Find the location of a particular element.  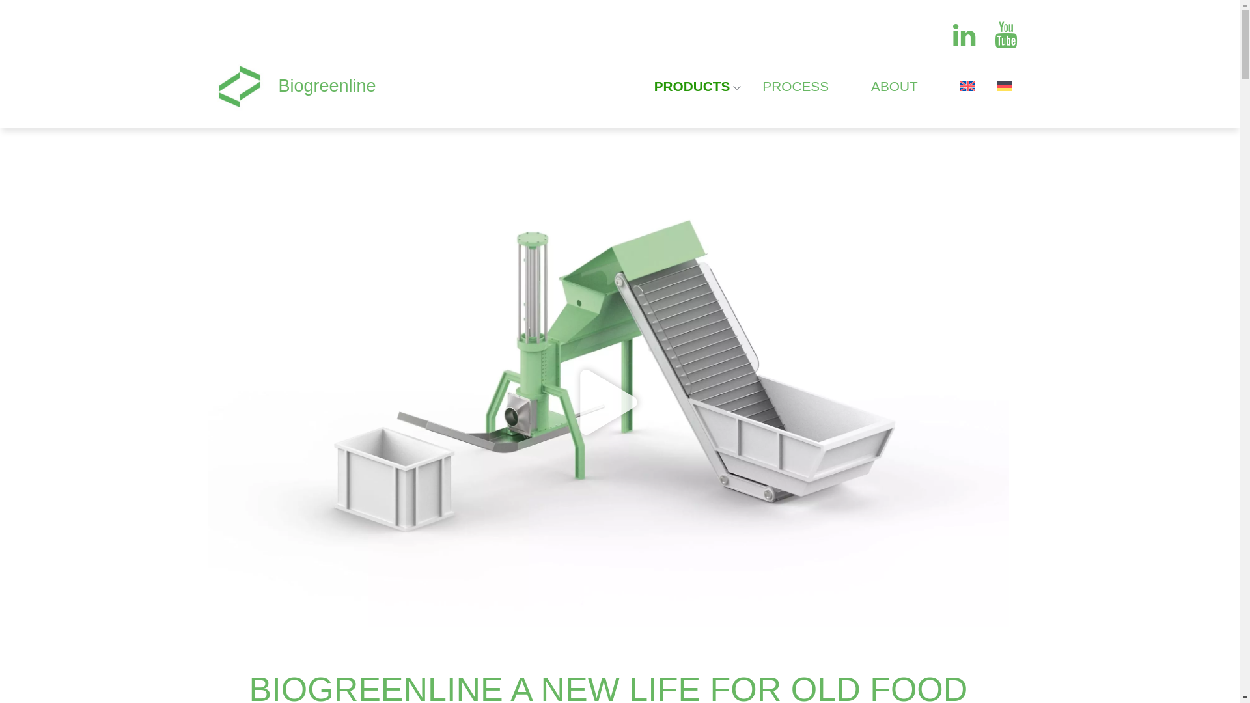

'Biogreenline' is located at coordinates (327, 85).